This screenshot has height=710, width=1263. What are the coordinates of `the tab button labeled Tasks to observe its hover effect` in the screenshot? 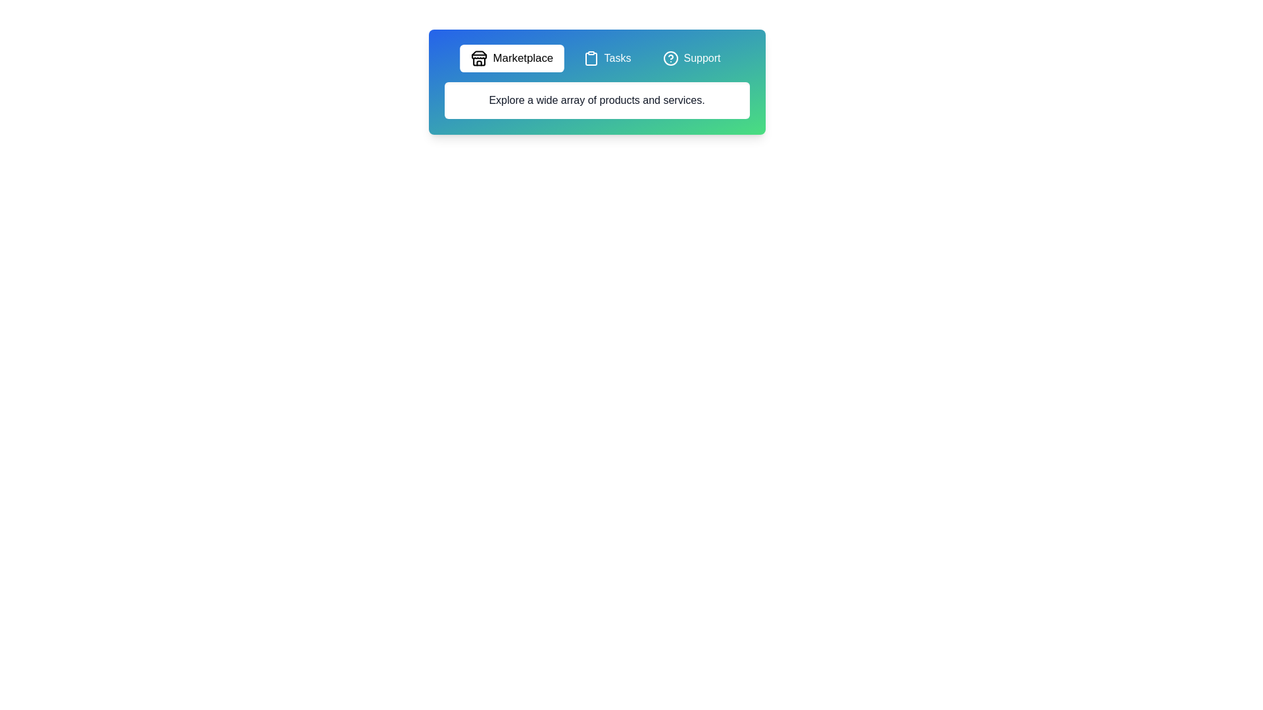 It's located at (606, 57).